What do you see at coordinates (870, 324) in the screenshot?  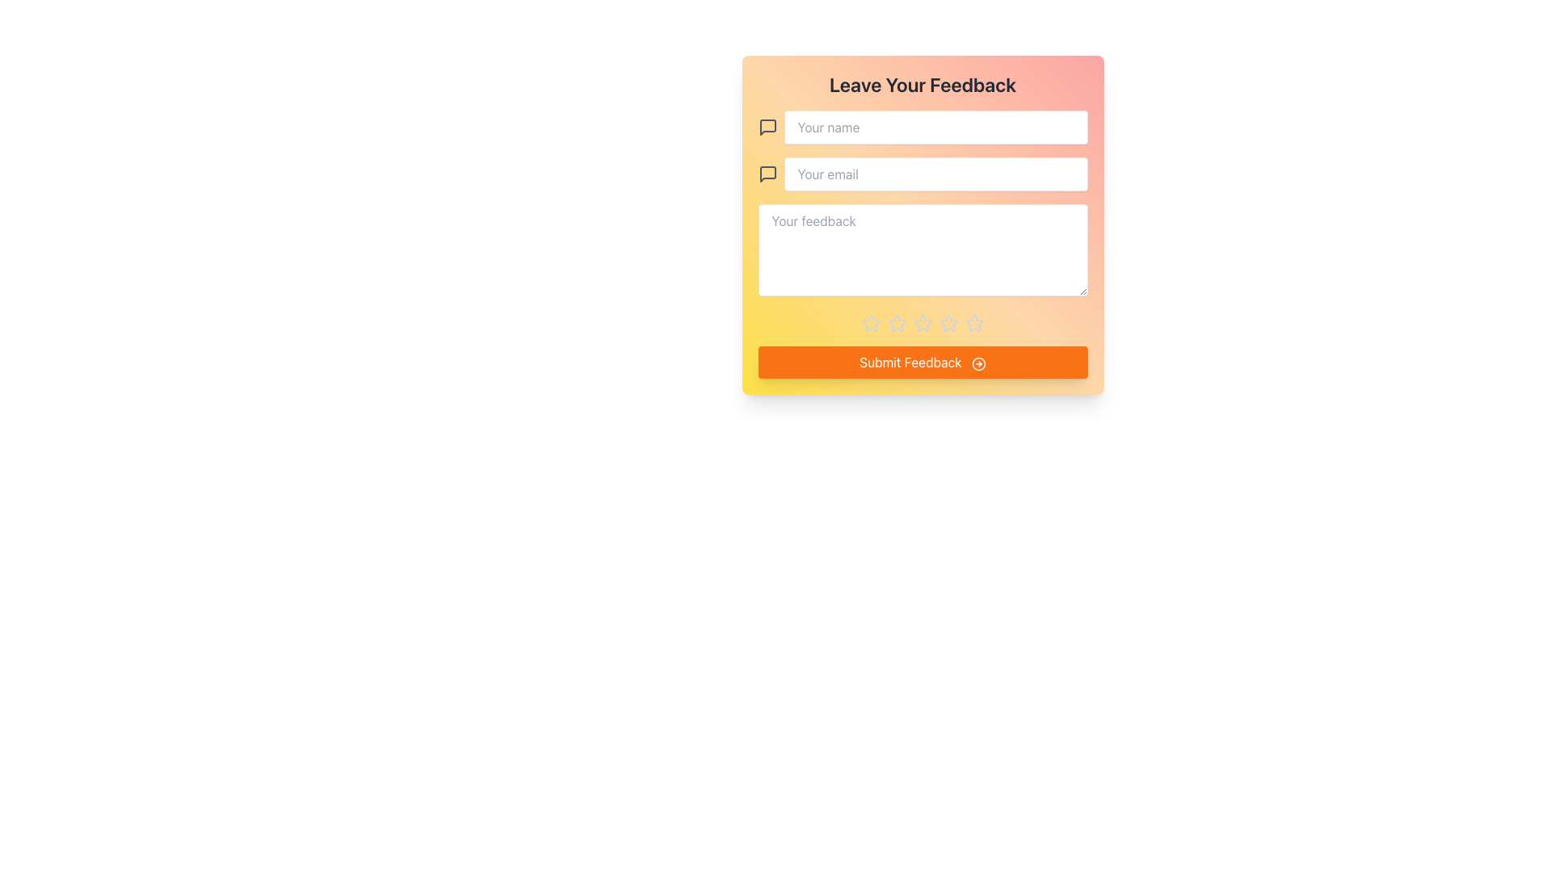 I see `the first star-shaped rating icon, which is an outlined light gray star located in a row of five stars in the feedback form` at bounding box center [870, 324].